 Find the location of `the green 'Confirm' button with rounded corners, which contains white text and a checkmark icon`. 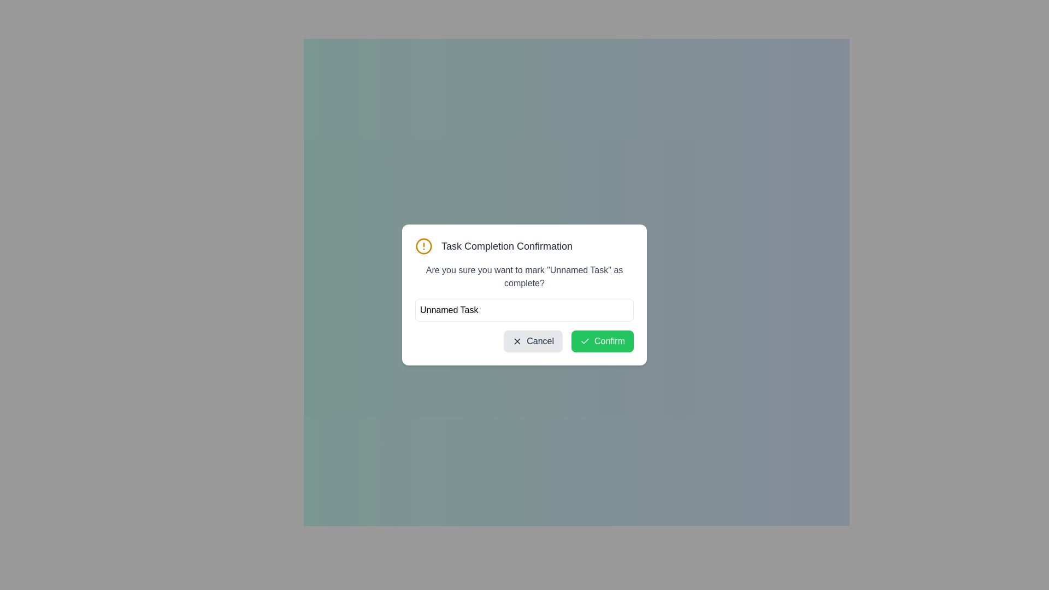

the green 'Confirm' button with rounded corners, which contains white text and a checkmark icon is located at coordinates (602, 340).